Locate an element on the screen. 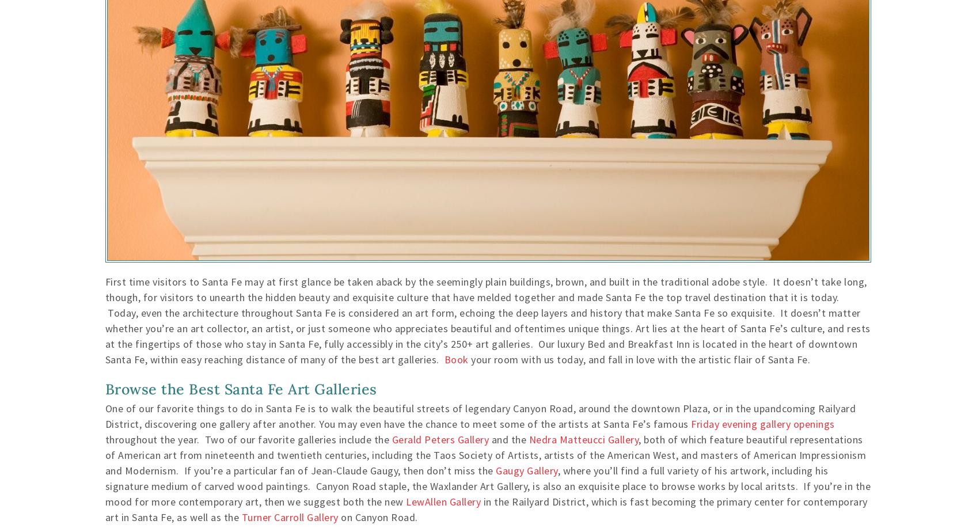 The width and height of the screenshot is (976, 532). 'Gerald Peters Gallery' is located at coordinates (439, 439).